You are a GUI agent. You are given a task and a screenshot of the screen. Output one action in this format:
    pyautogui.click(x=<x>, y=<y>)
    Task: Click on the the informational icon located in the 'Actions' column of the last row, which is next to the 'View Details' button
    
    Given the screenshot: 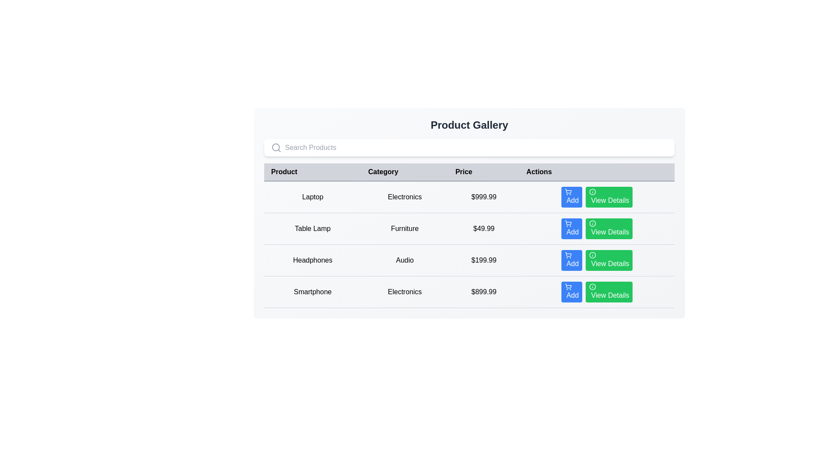 What is the action you would take?
    pyautogui.click(x=592, y=287)
    